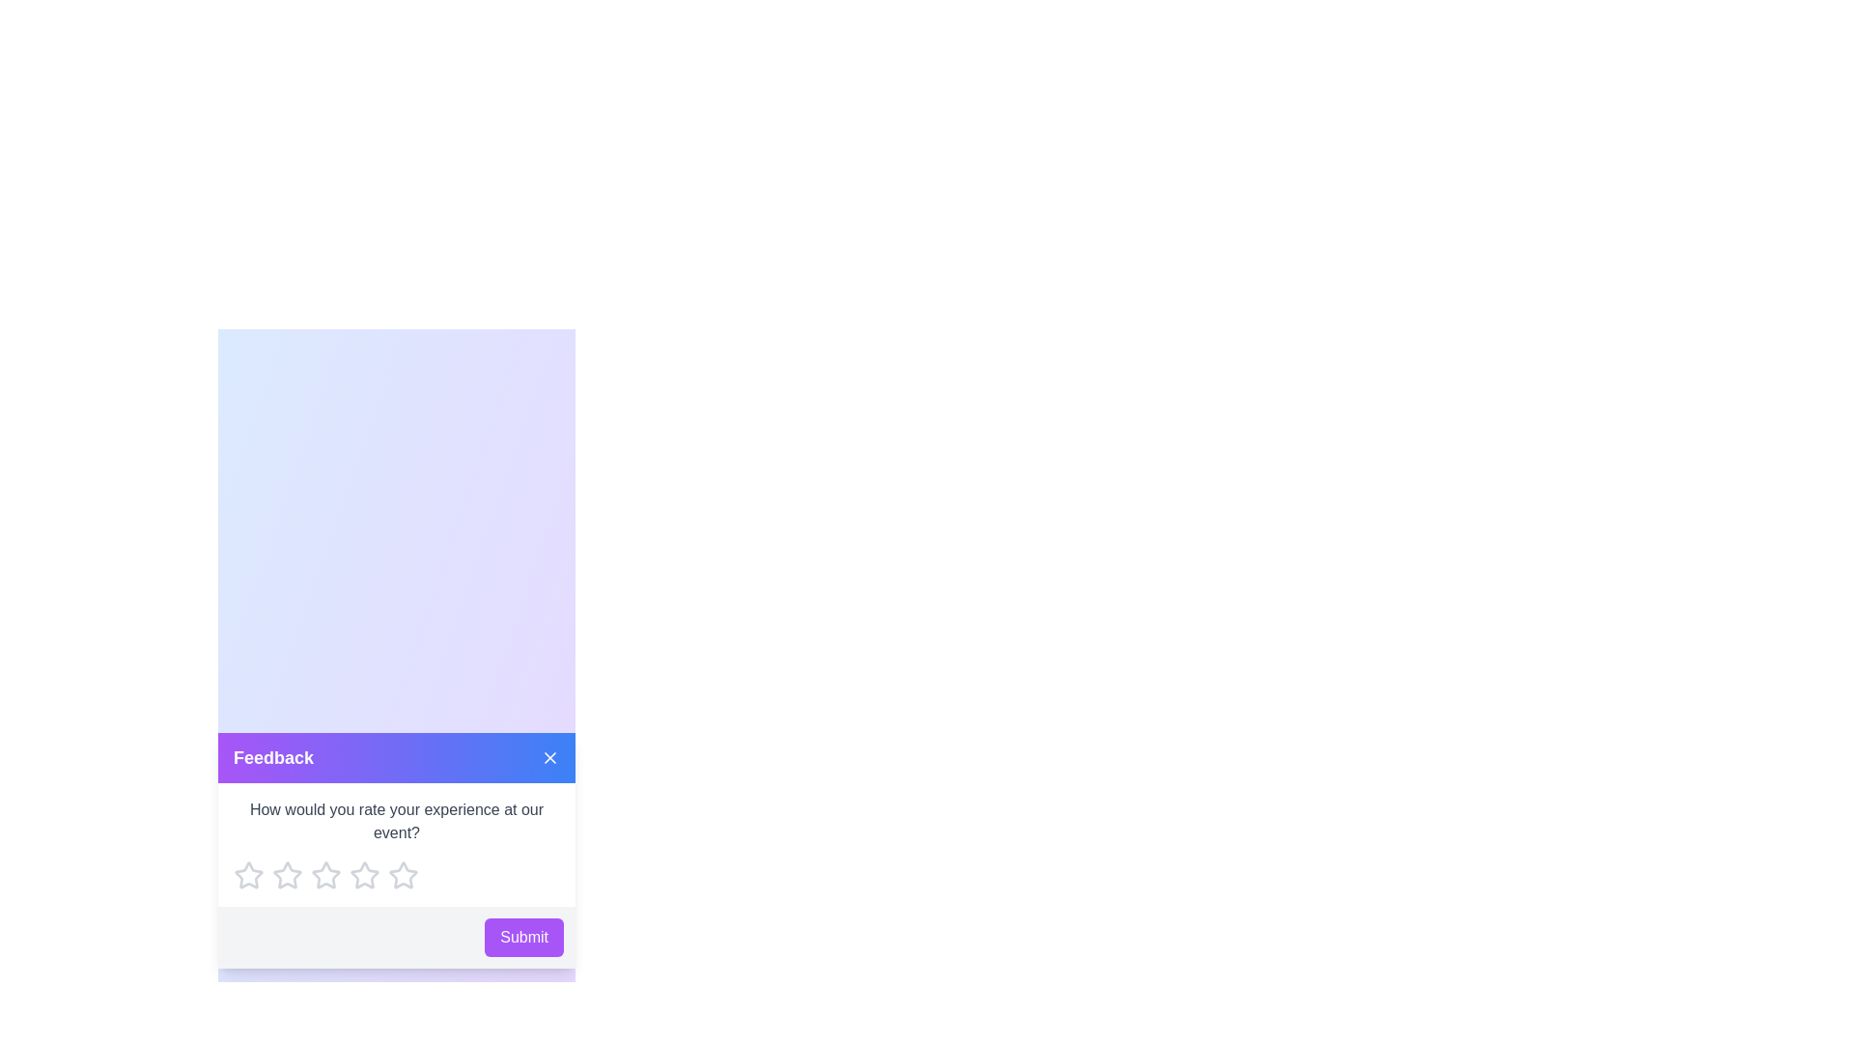 Image resolution: width=1854 pixels, height=1043 pixels. Describe the element at coordinates (524, 937) in the screenshot. I see `the purple 'Submit' button with white text to observe the hover effects` at that location.